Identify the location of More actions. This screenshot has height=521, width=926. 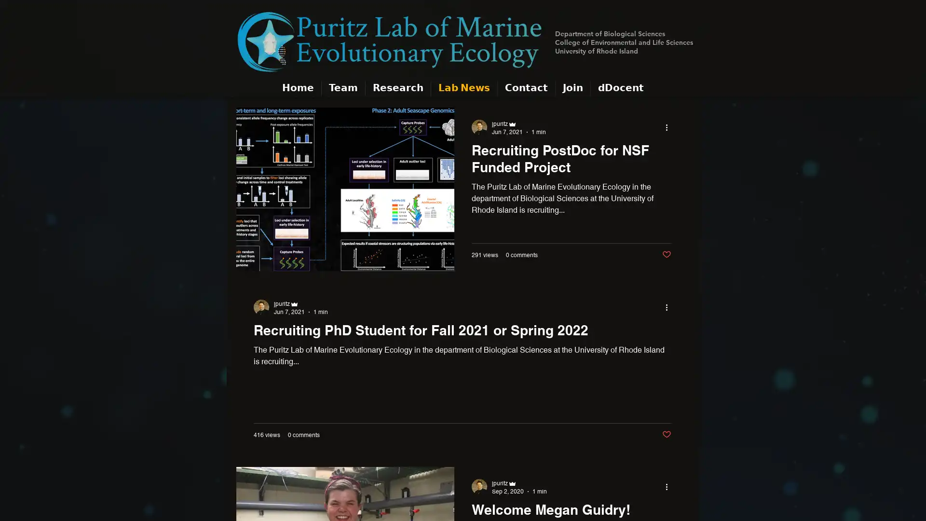
(669, 307).